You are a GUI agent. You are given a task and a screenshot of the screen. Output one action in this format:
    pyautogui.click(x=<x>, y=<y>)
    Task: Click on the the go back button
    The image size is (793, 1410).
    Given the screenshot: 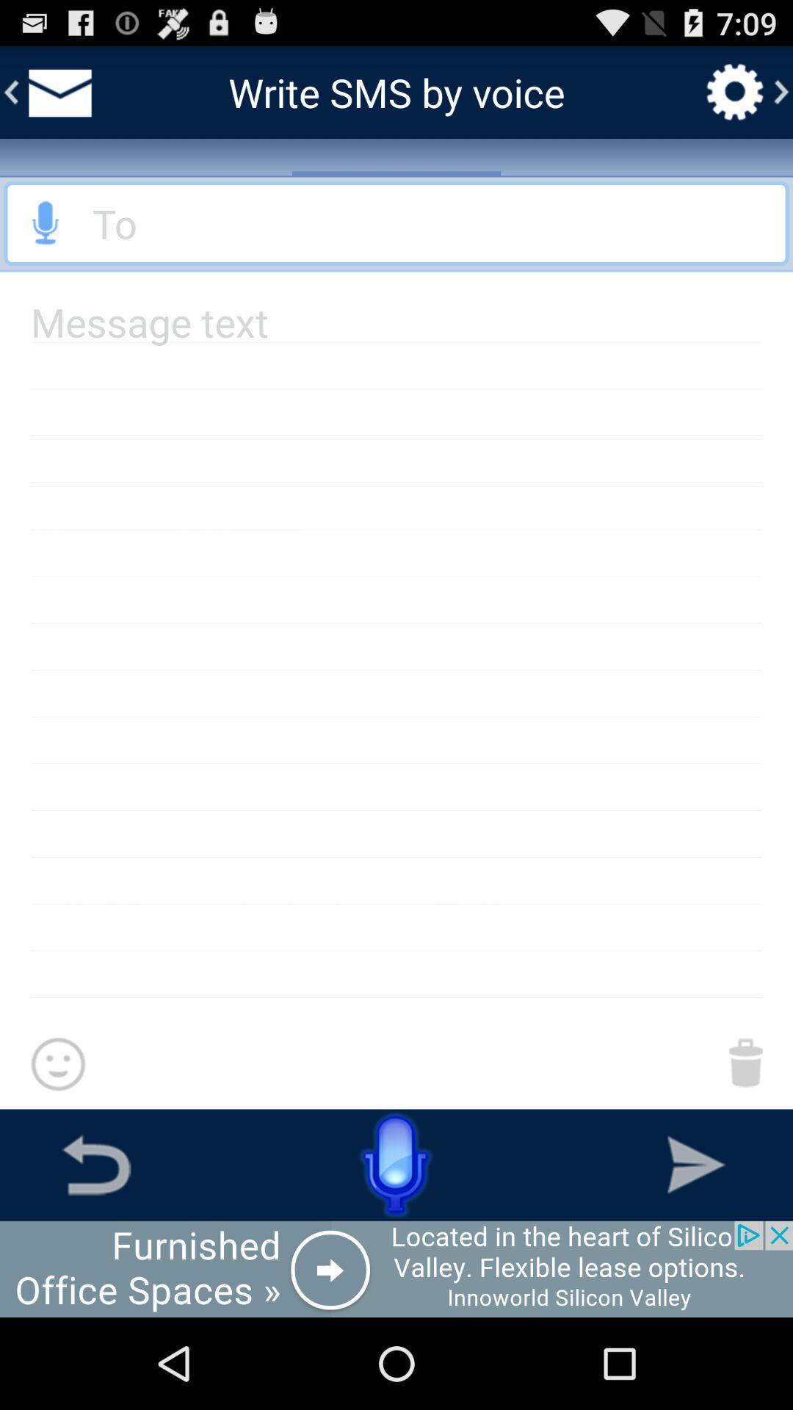 What is the action you would take?
    pyautogui.click(x=96, y=1164)
    